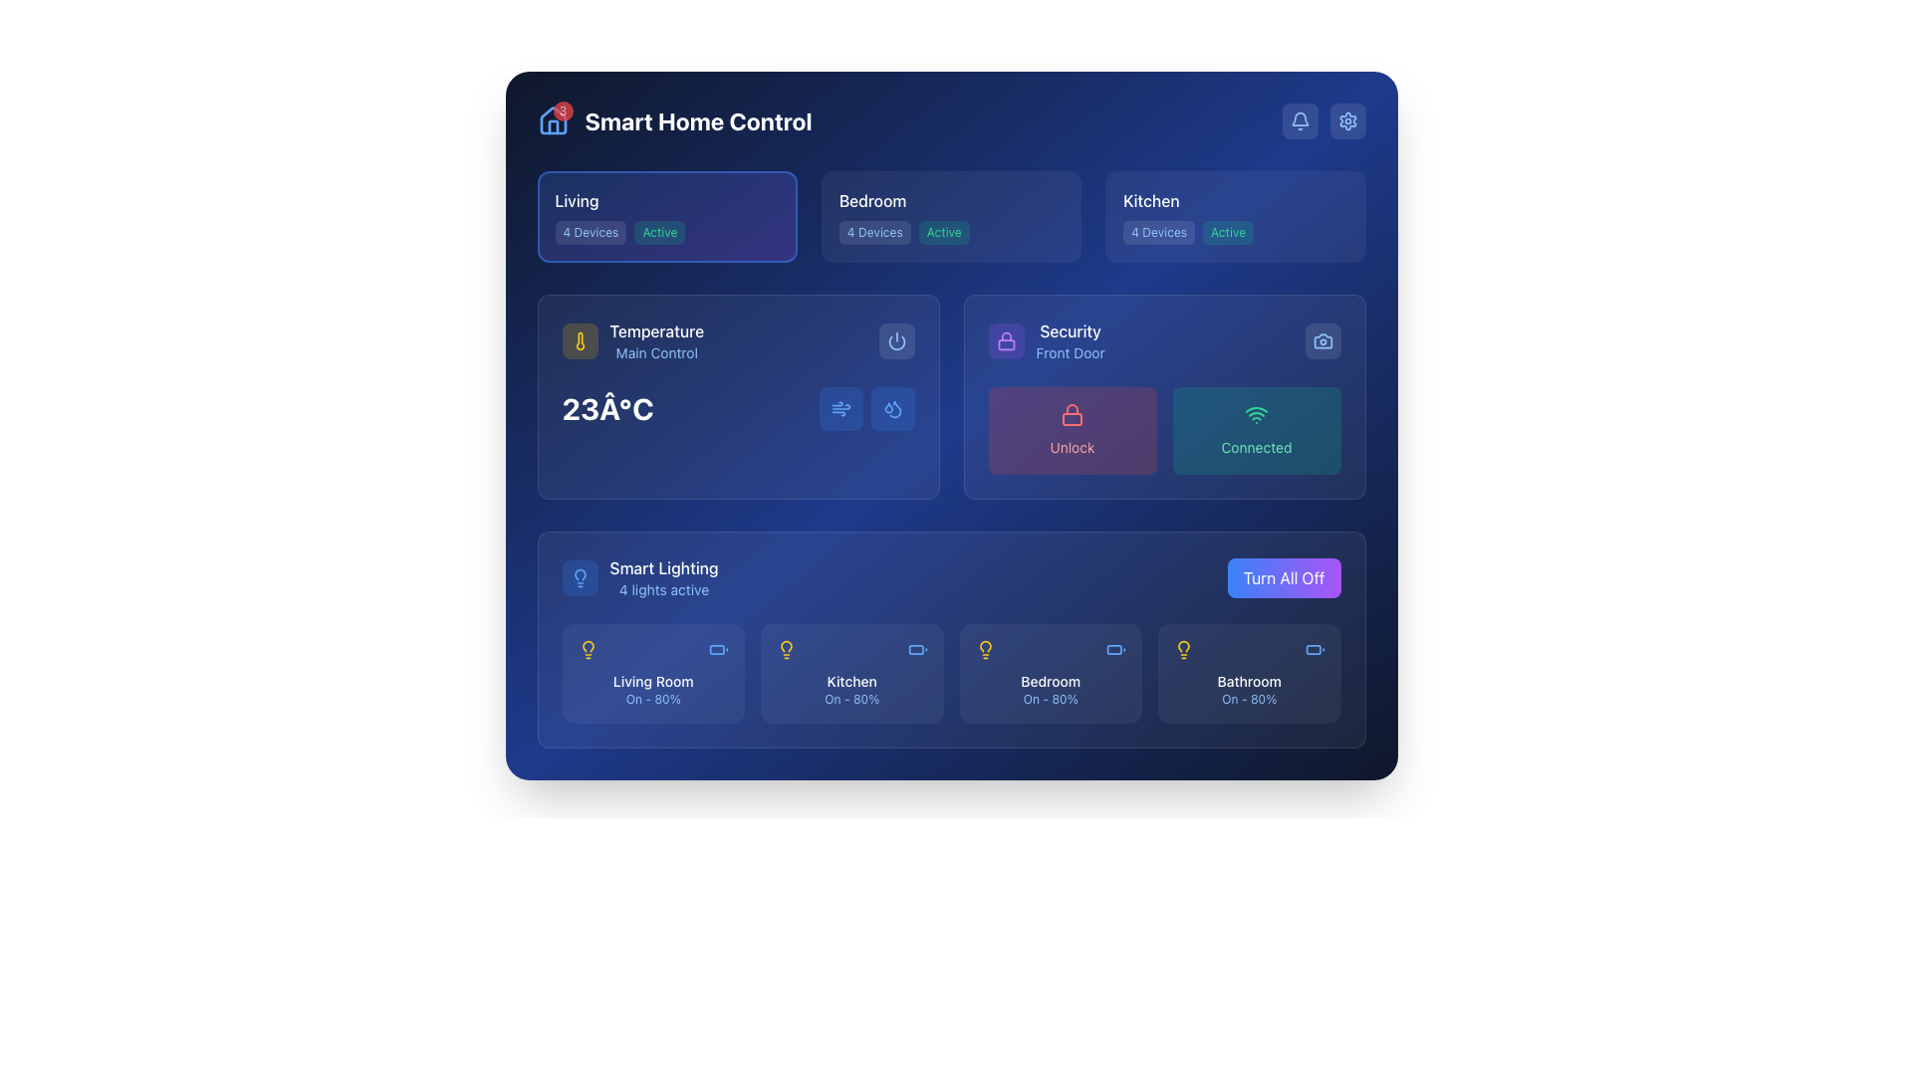 Image resolution: width=1912 pixels, height=1075 pixels. I want to click on the red lock icon with a rounded design located in the 'Security' card, positioned centrally above the 'Unlock' label, so click(1071, 413).